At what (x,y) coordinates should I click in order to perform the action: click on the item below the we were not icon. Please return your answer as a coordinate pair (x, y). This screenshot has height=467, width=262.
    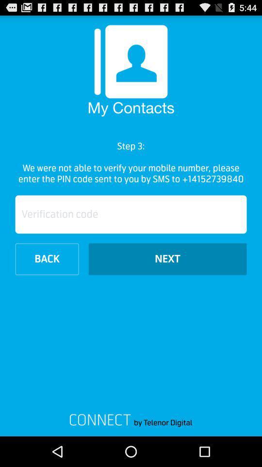
    Looking at the image, I should click on (131, 214).